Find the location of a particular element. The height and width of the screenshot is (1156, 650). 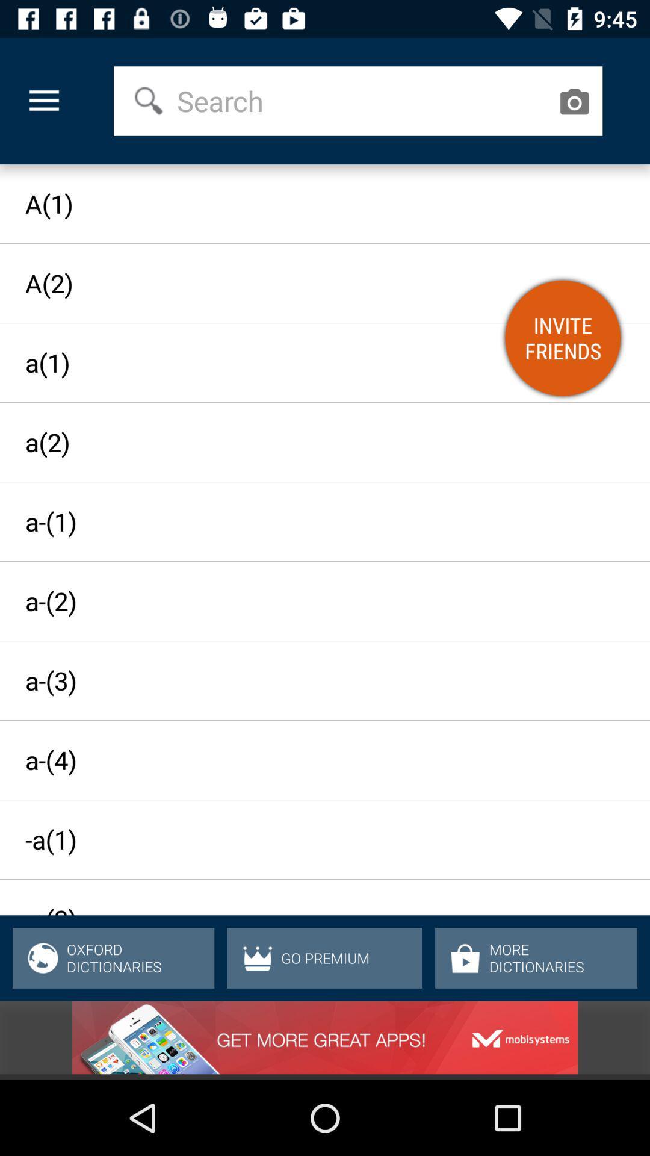

the a-(4) item is located at coordinates (313, 759).